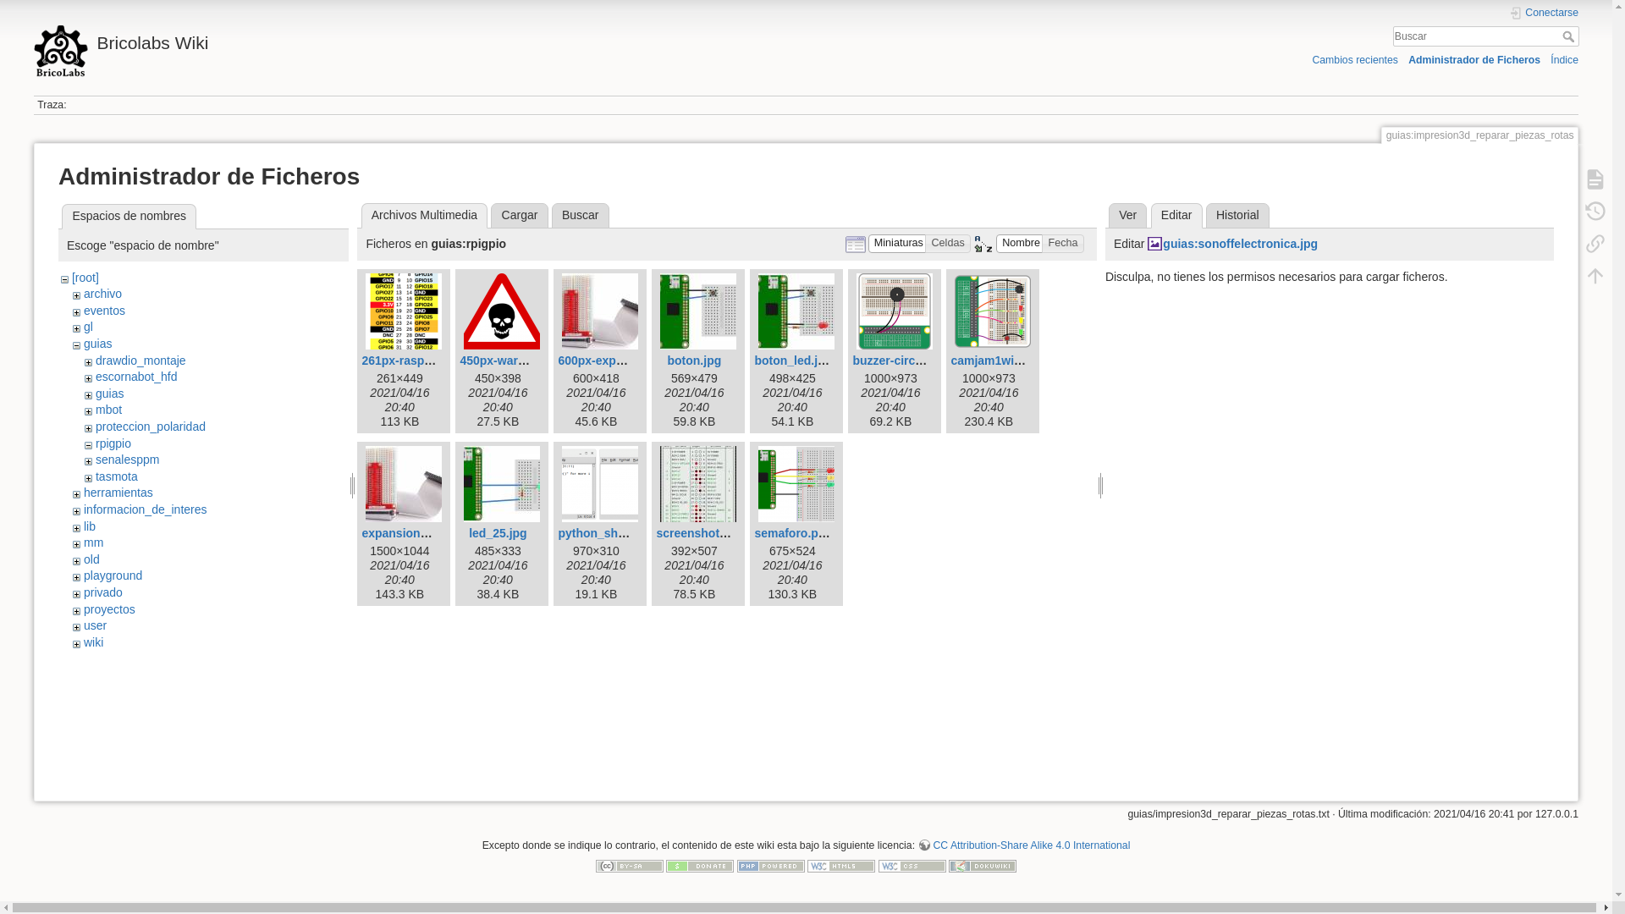 The image size is (1625, 914). I want to click on 'lib', so click(83, 525).